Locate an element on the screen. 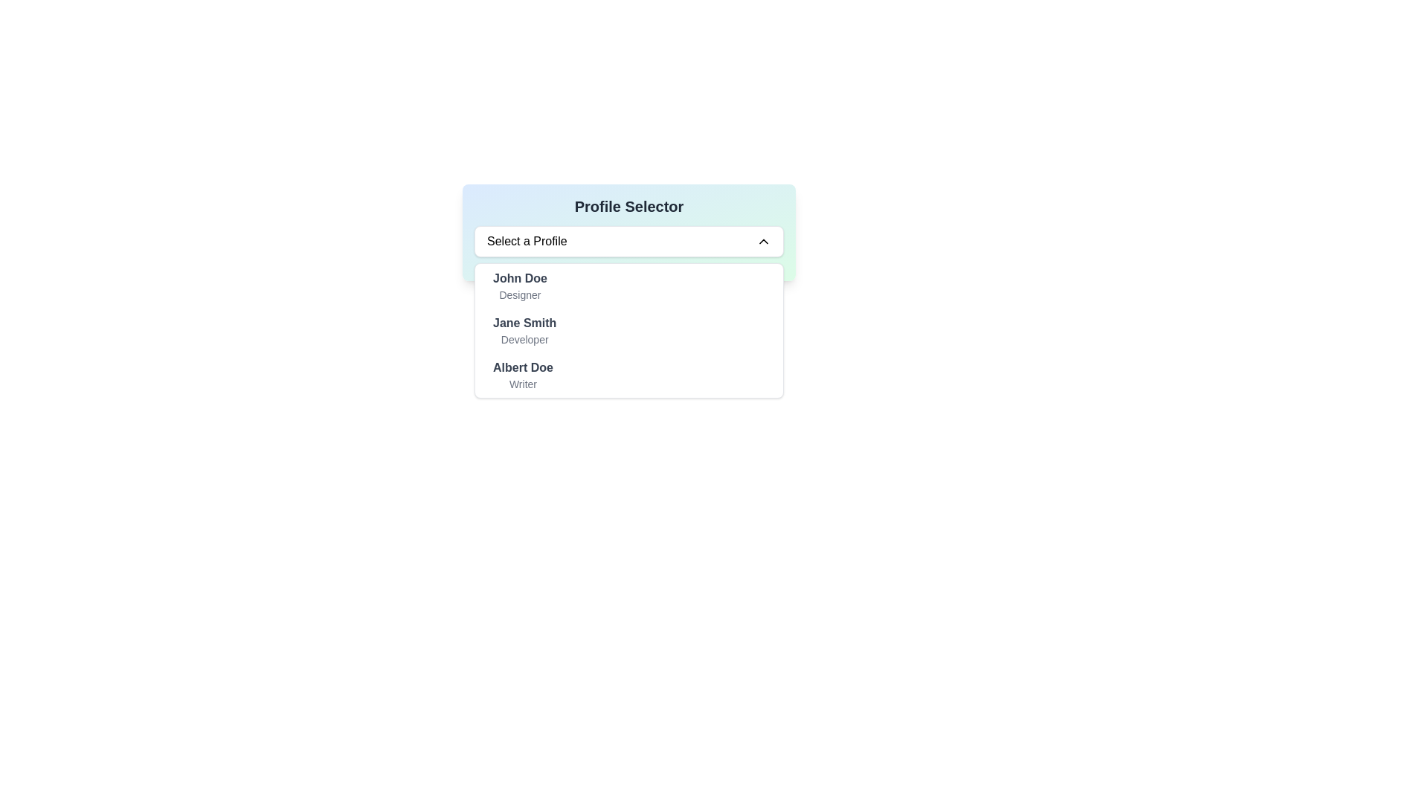 This screenshot has height=803, width=1428. the 'Jane Smith' profile selection item in the dropdown menu is located at coordinates (524, 329).